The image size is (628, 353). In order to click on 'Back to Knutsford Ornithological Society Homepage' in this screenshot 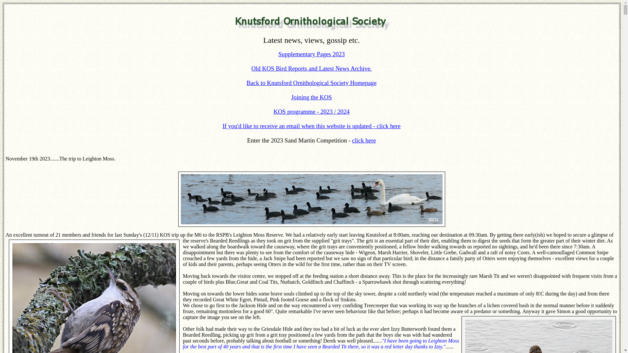, I will do `click(311, 82)`.